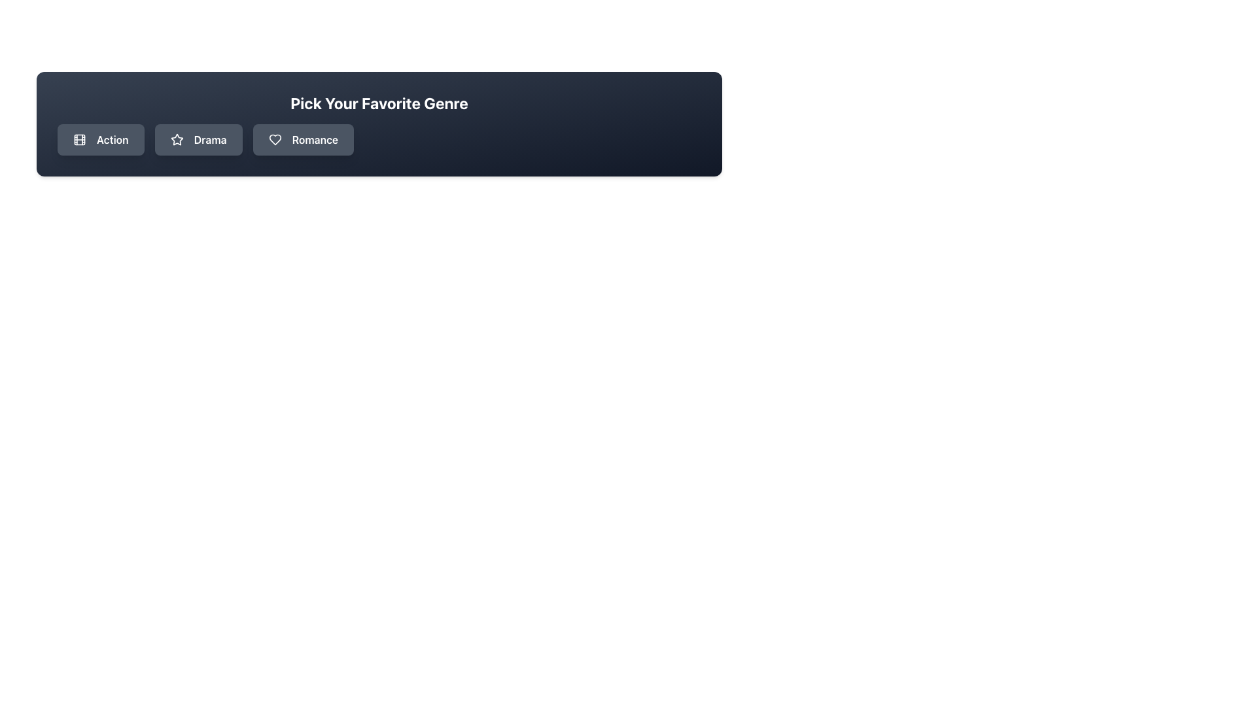 The height and width of the screenshot is (706, 1256). Describe the element at coordinates (198, 139) in the screenshot. I see `the 'Drama' genre selection button` at that location.